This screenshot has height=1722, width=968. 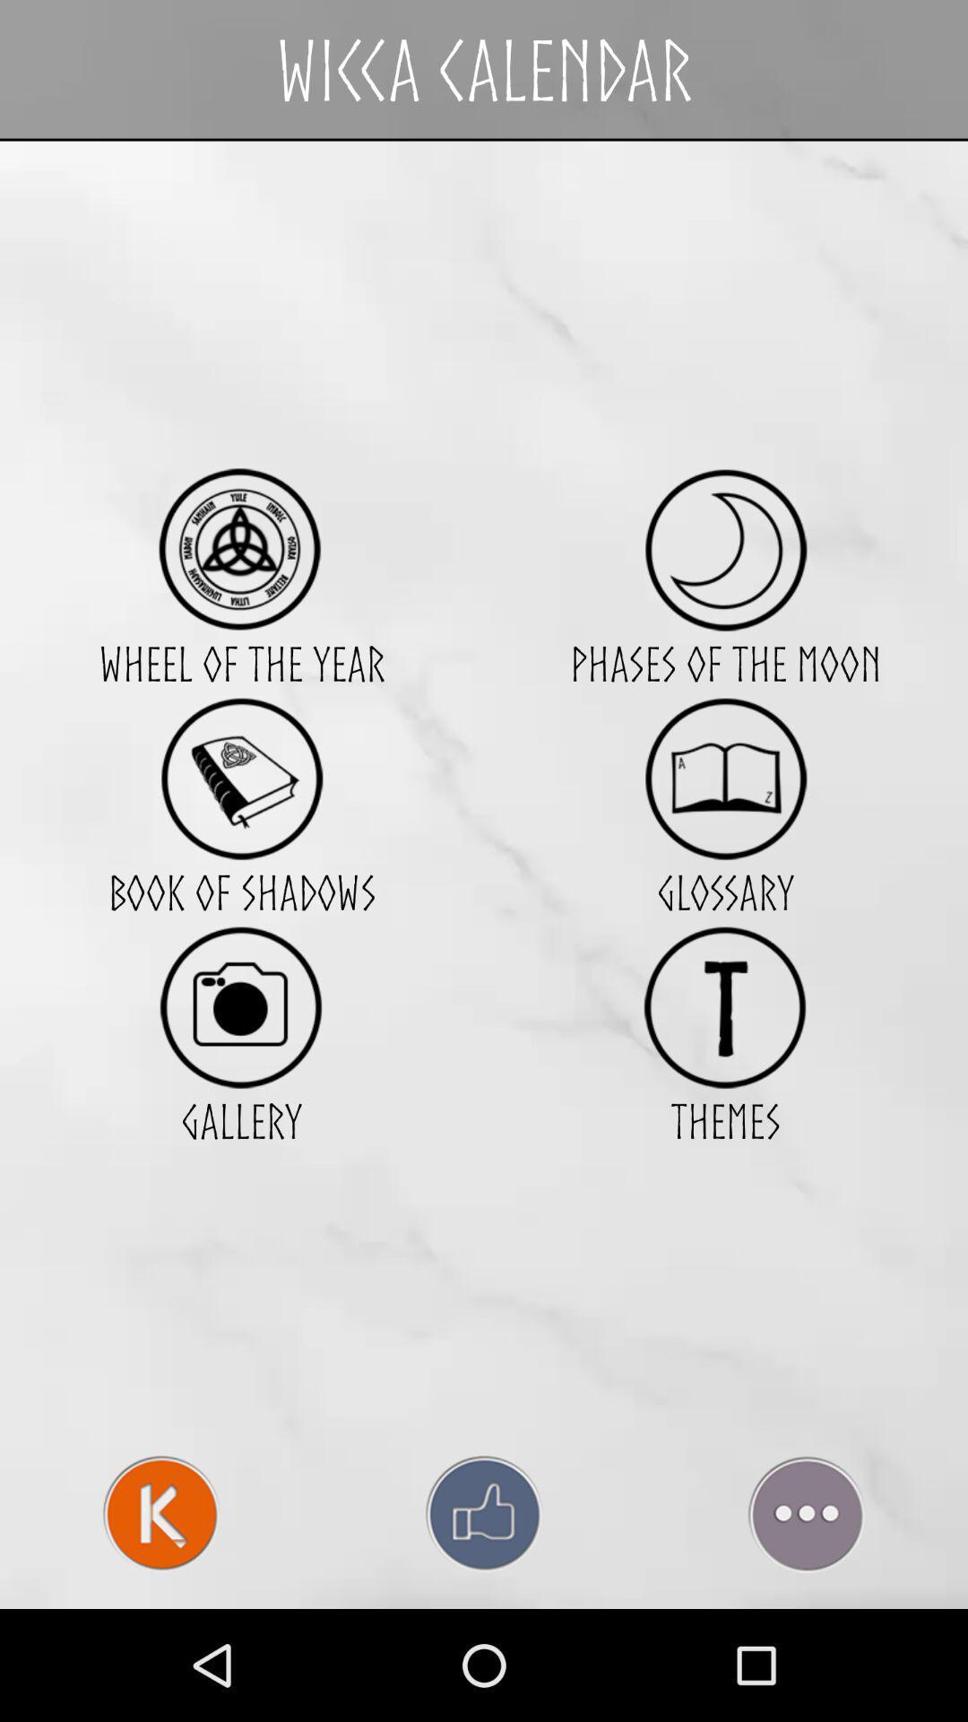 What do you see at coordinates (240, 778) in the screenshot?
I see `icon below the wheel of the` at bounding box center [240, 778].